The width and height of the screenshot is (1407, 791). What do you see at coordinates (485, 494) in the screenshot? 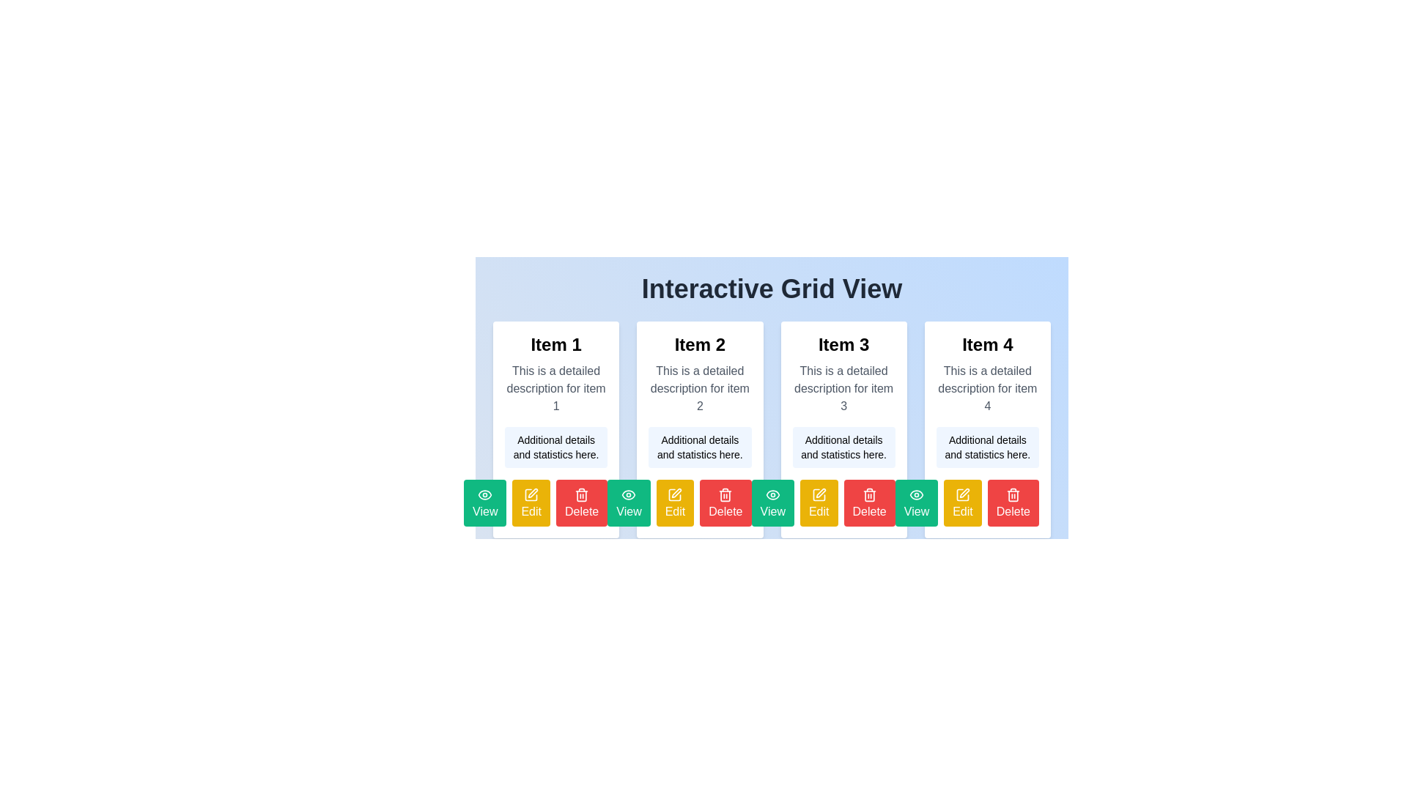
I see `the 'View' button surrounding the eye SVG icon, which is the first action button for 'Item 1'` at bounding box center [485, 494].